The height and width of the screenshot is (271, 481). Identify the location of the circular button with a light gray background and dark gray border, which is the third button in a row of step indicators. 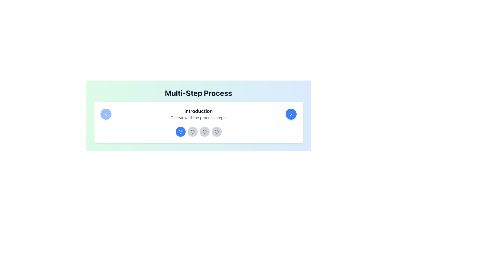
(192, 131).